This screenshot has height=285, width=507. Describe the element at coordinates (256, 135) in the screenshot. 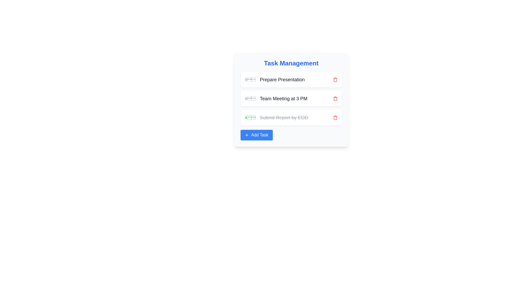

I see `the 'Add Task' button located at the bottom center of the 'Task Management' panel` at that location.